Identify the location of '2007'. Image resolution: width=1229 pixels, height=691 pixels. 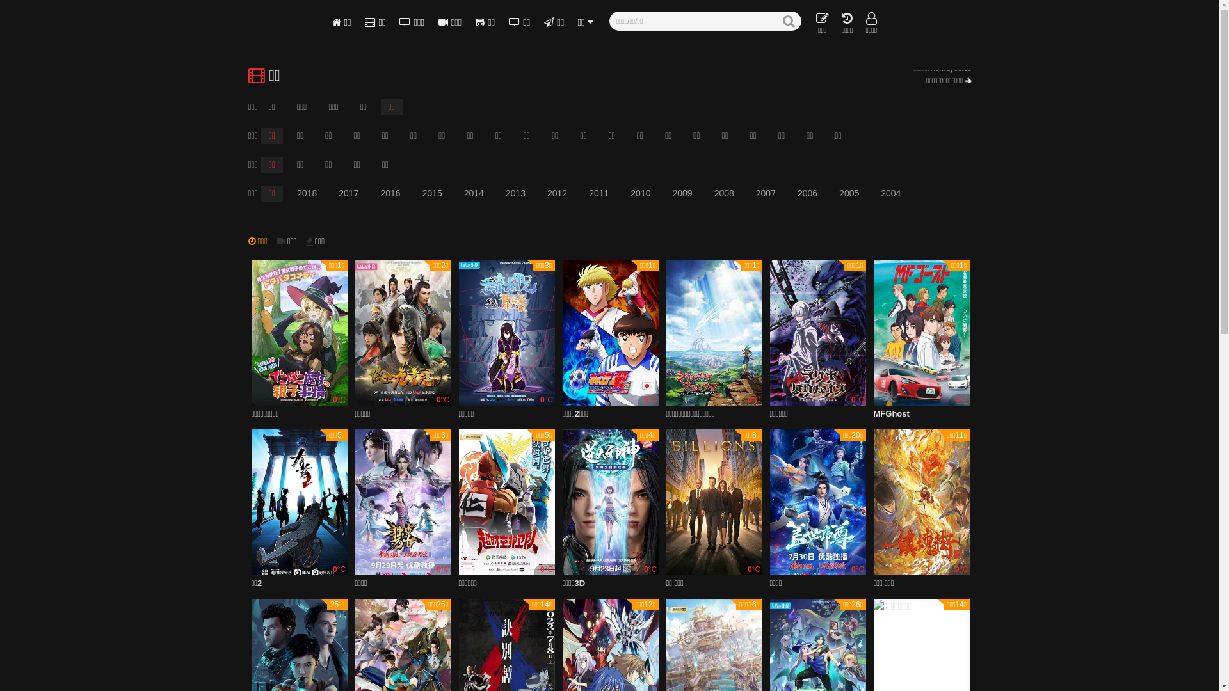
(766, 193).